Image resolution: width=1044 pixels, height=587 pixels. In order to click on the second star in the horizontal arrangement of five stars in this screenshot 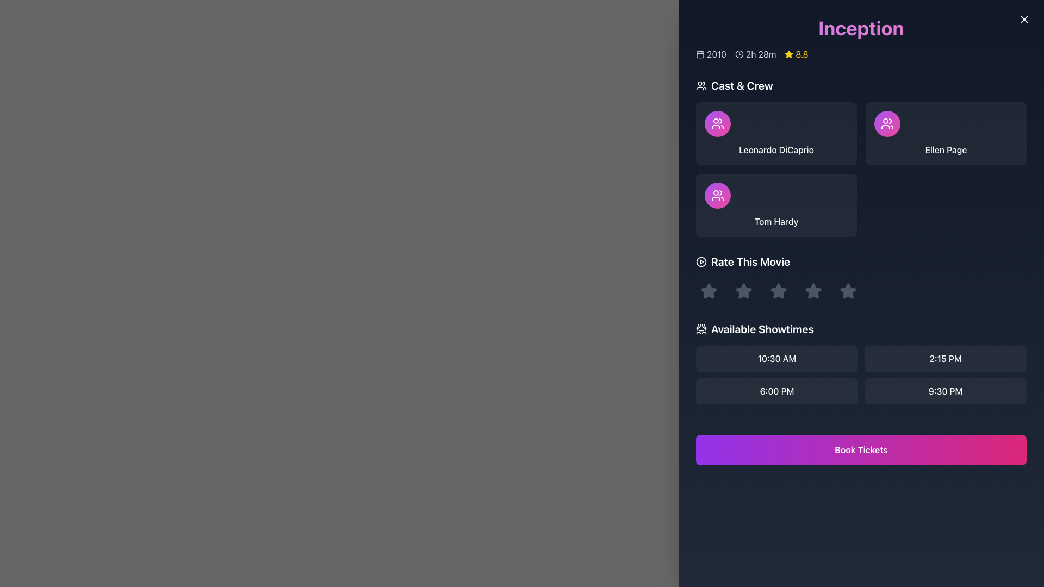, I will do `click(778, 291)`.